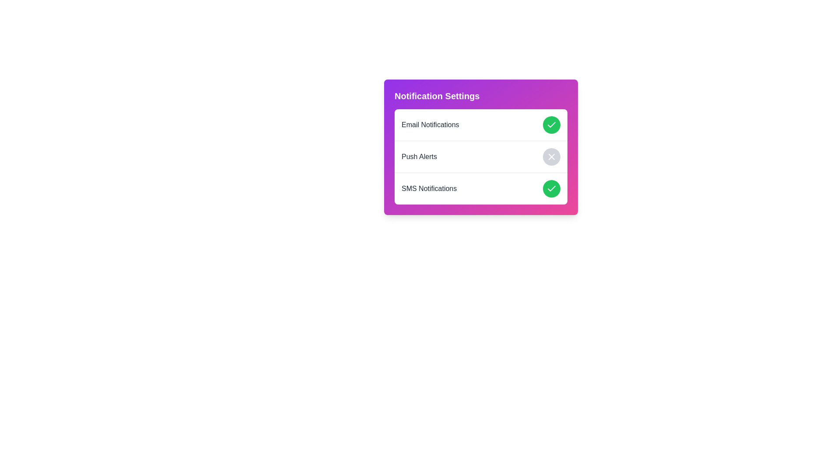  What do you see at coordinates (430, 125) in the screenshot?
I see `the 'Email Notifications' text, which is displayed in dark grey within the 'Notification Settings' section and is adjacent to a green circular toggle` at bounding box center [430, 125].